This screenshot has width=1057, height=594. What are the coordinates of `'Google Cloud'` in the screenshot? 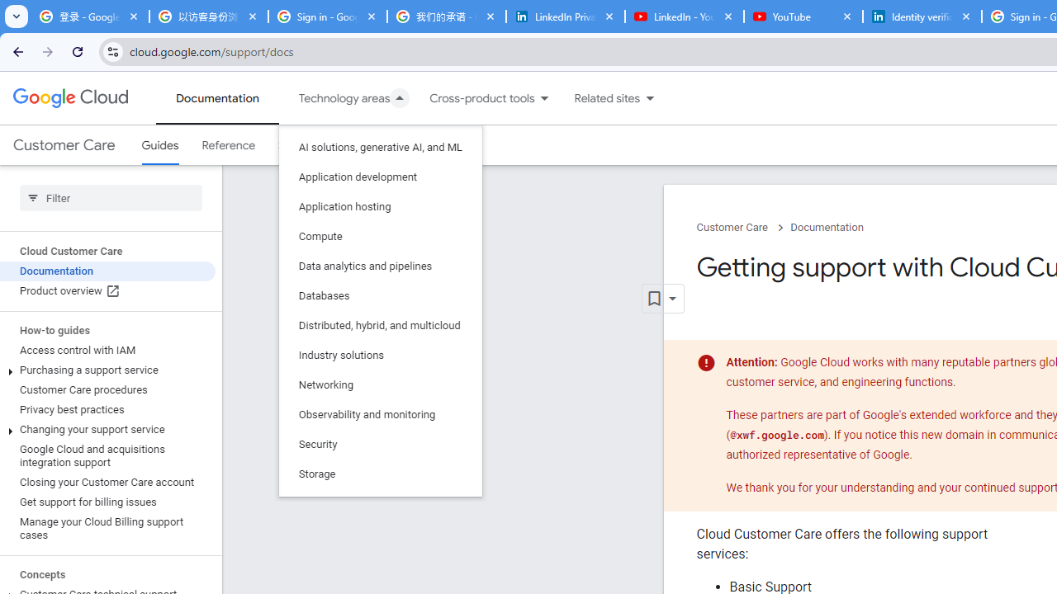 It's located at (69, 98).